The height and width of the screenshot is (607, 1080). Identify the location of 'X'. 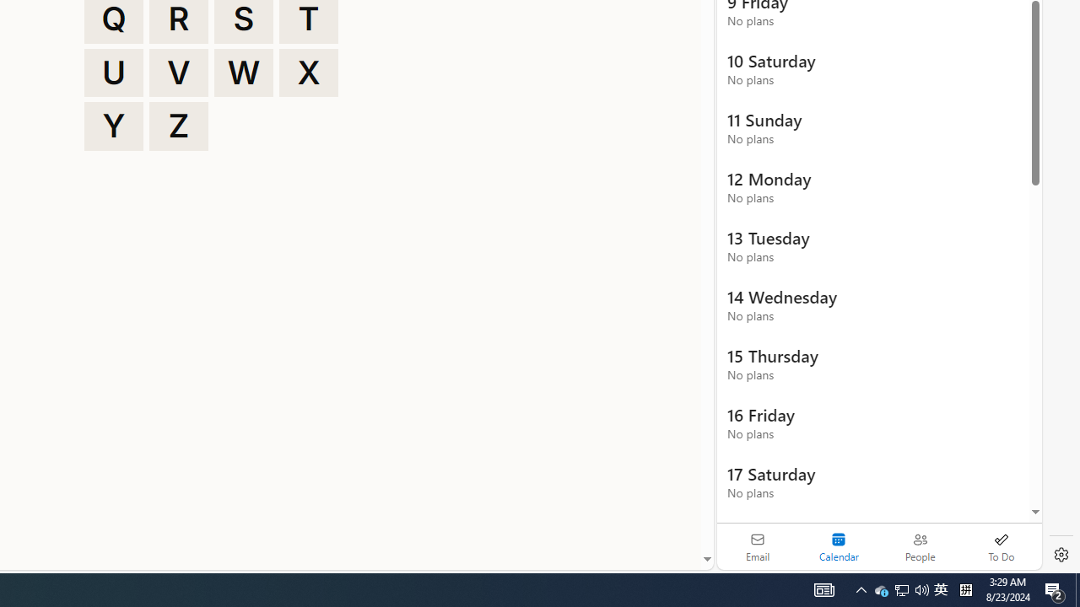
(309, 72).